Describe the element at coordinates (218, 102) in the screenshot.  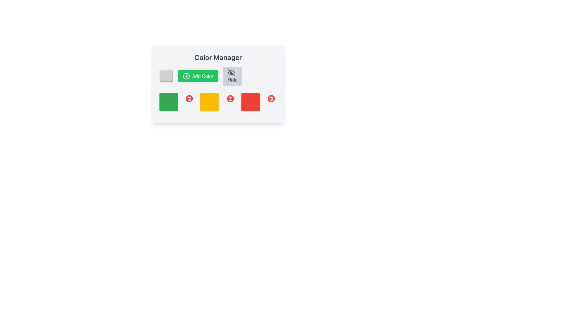
I see `the middle color display block in the color management interface` at that location.